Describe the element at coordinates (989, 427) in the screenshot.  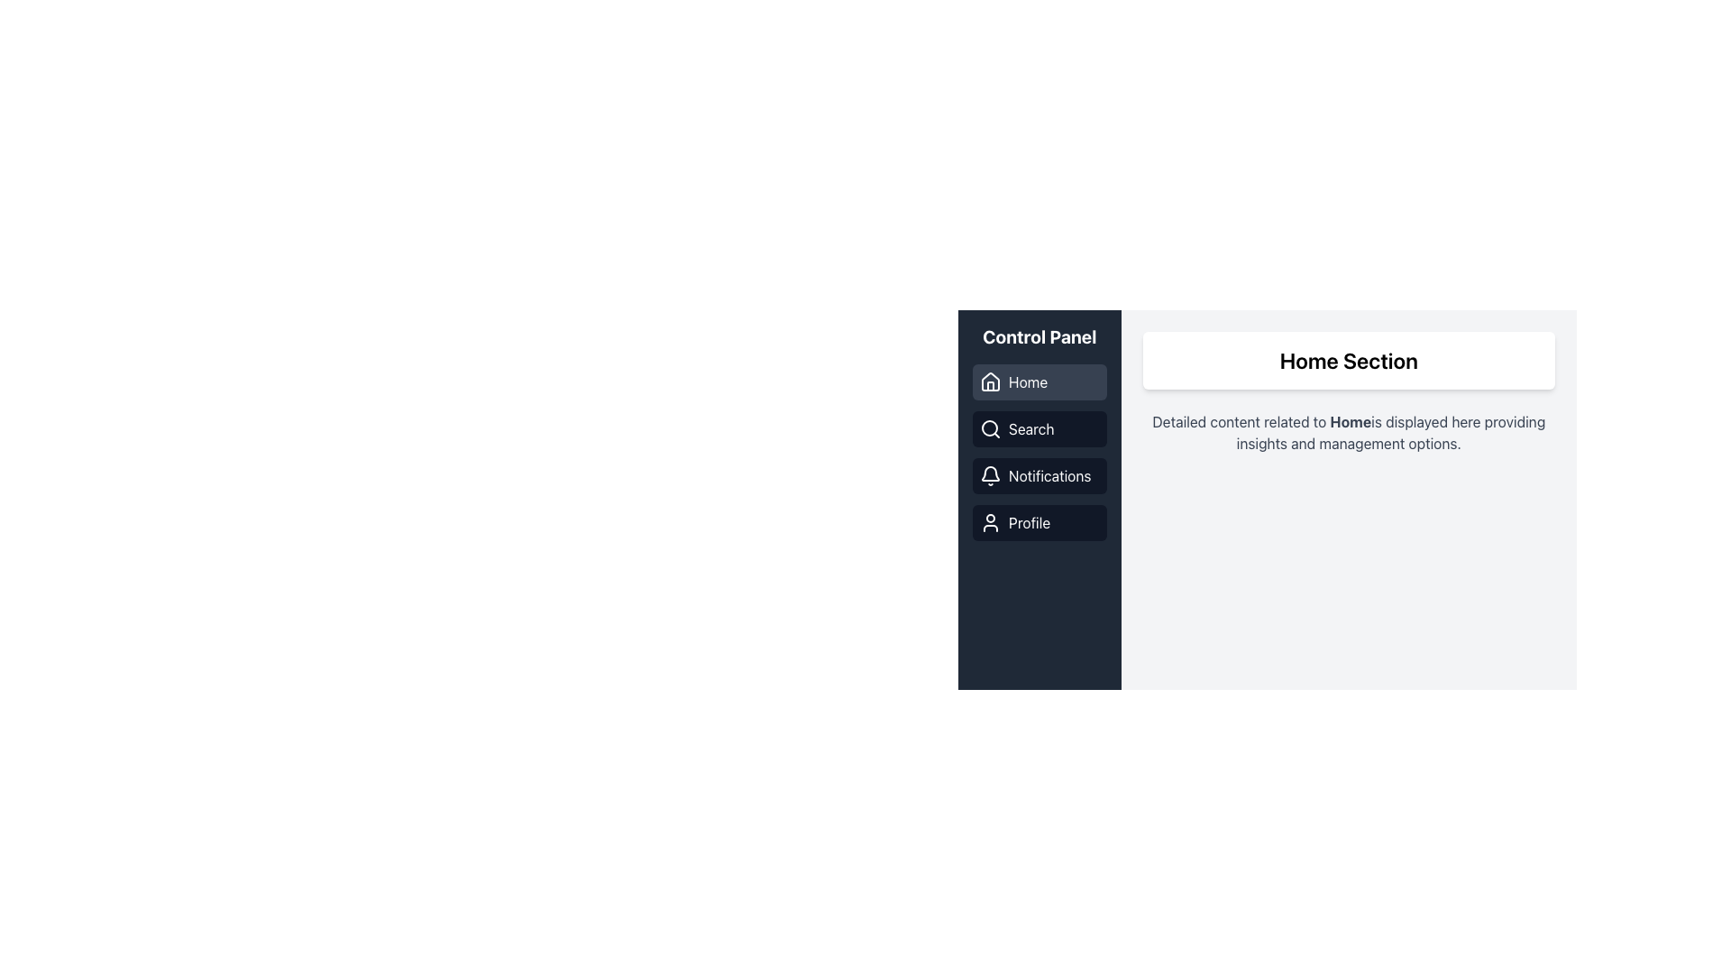
I see `the SVG circle that represents the central part of the magnifying glass icon in the 'Search' button located in the sidebar menu` at that location.